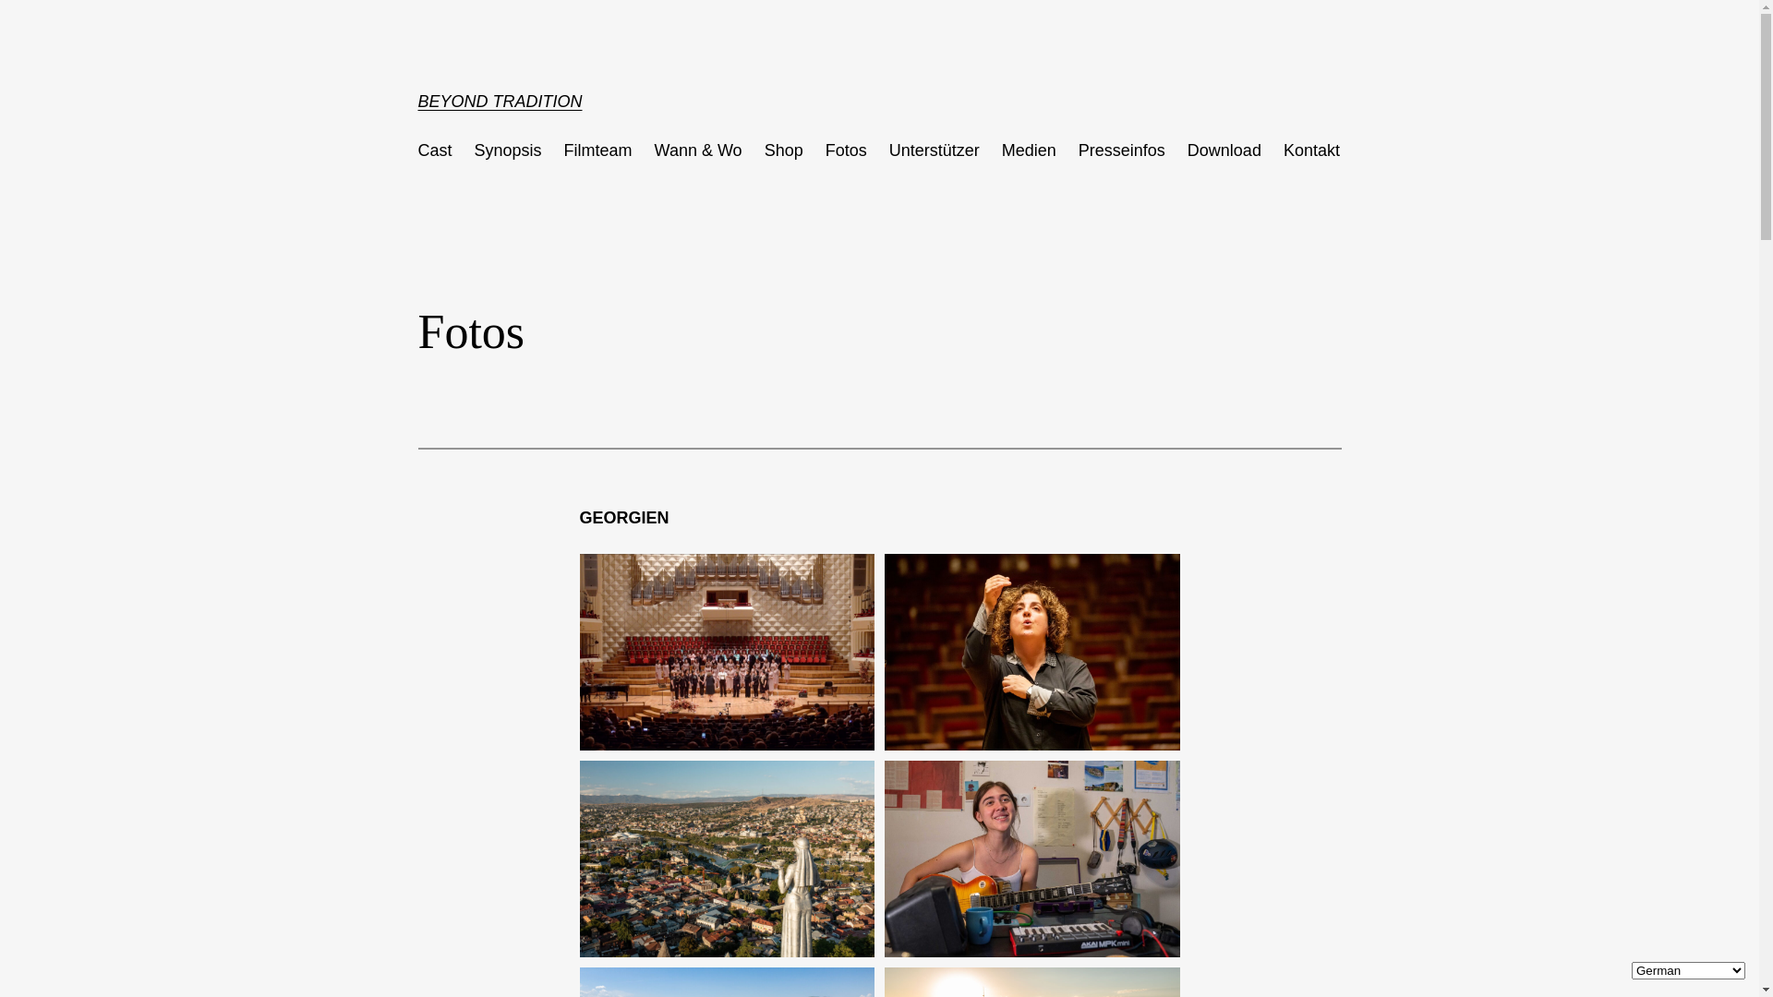 This screenshot has height=997, width=1773. Describe the element at coordinates (1120, 150) in the screenshot. I see `'Presseinfos'` at that location.